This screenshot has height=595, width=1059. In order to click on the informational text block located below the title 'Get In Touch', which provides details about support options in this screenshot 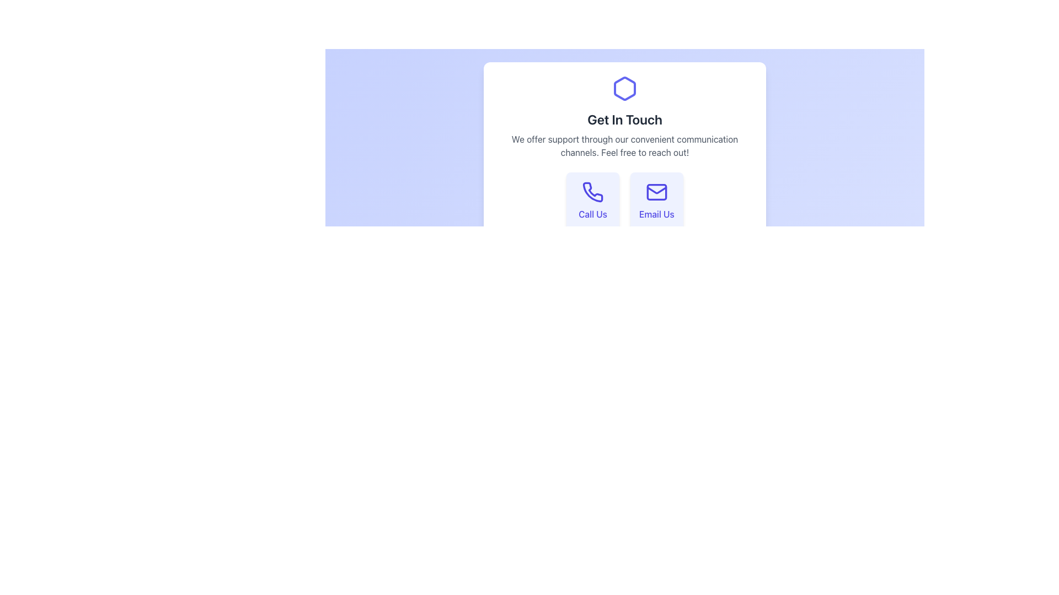, I will do `click(624, 145)`.